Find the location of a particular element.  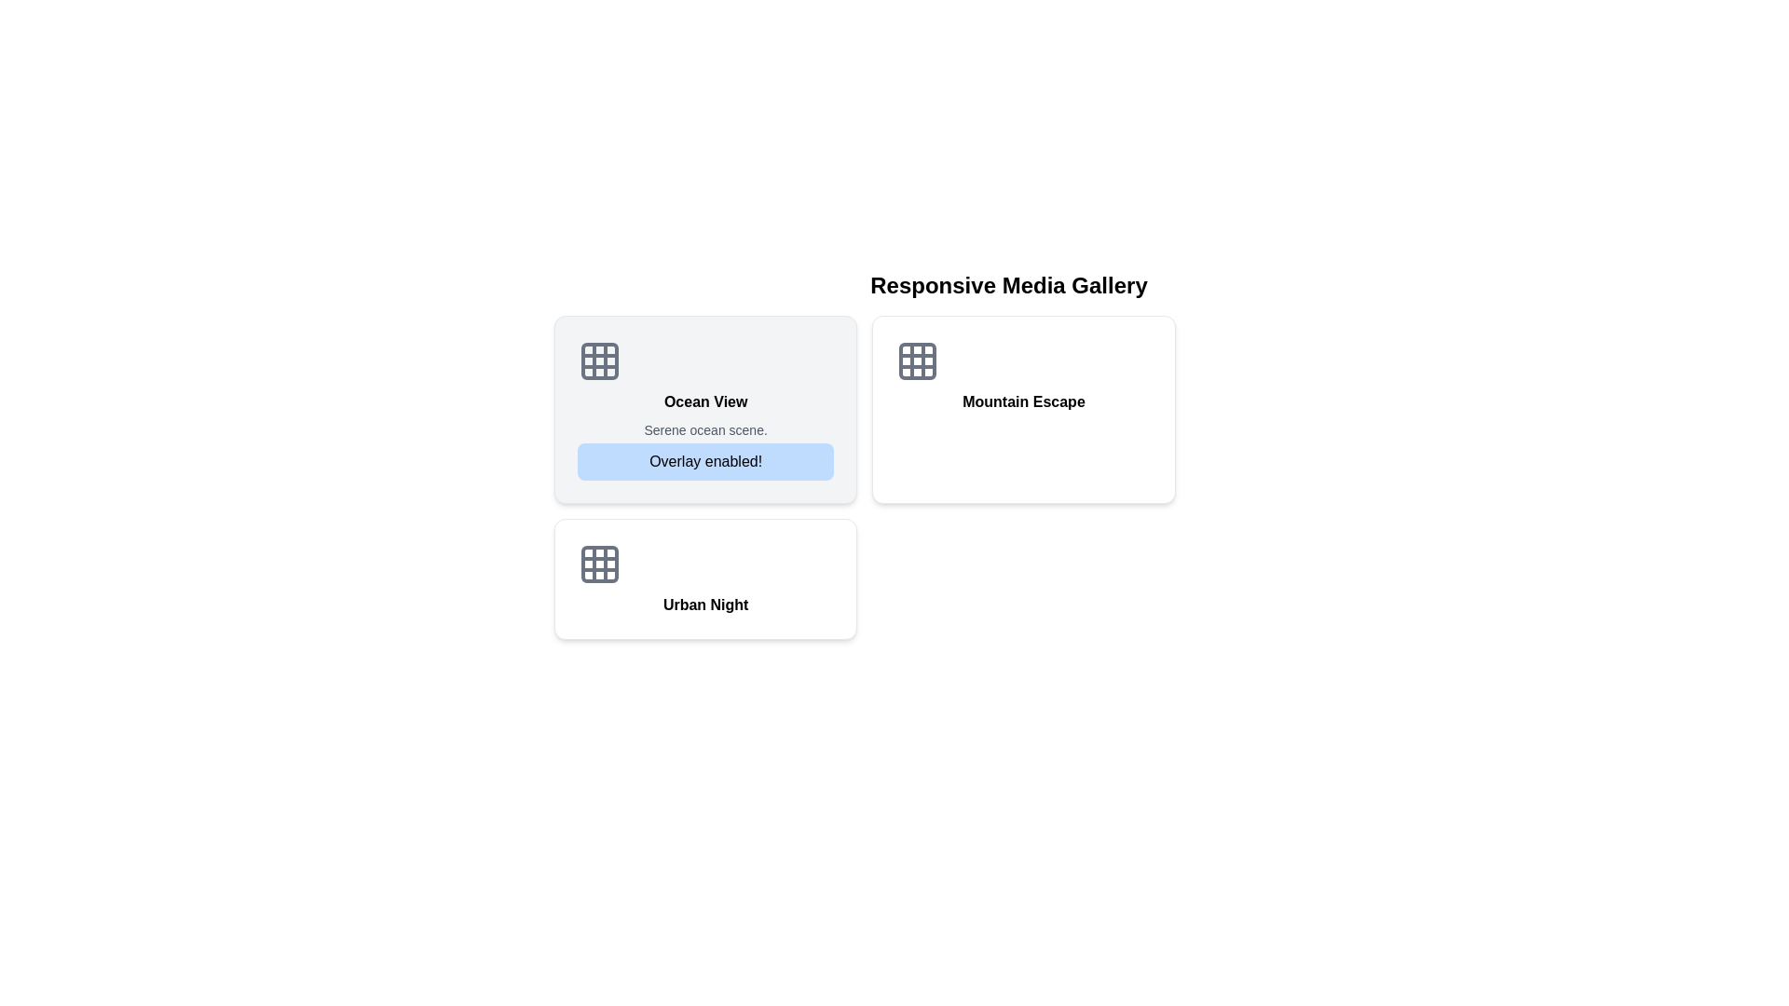

the grid layout selector icon located at the top center of the 'Urban Night' card in the lower-left of the grid of cards is located at coordinates (599, 563).